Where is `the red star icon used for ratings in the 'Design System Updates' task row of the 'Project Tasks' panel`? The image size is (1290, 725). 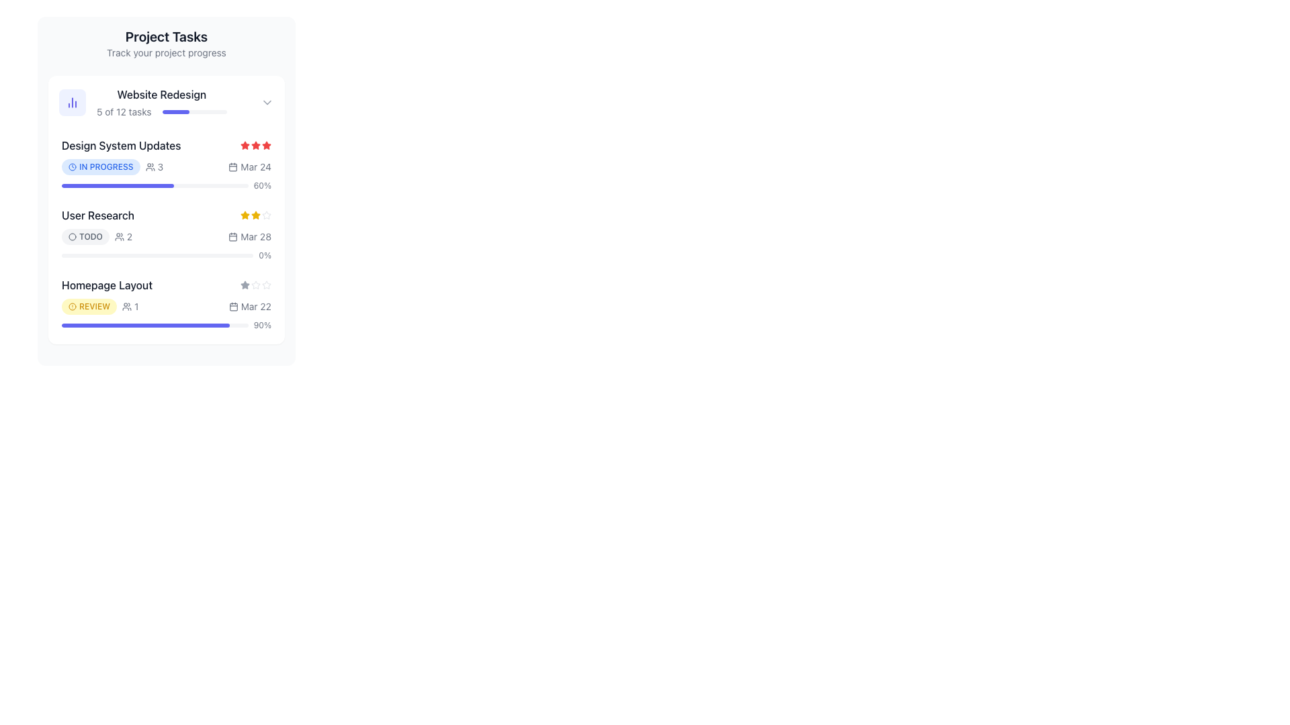
the red star icon used for ratings in the 'Design System Updates' task row of the 'Project Tasks' panel is located at coordinates (255, 145).